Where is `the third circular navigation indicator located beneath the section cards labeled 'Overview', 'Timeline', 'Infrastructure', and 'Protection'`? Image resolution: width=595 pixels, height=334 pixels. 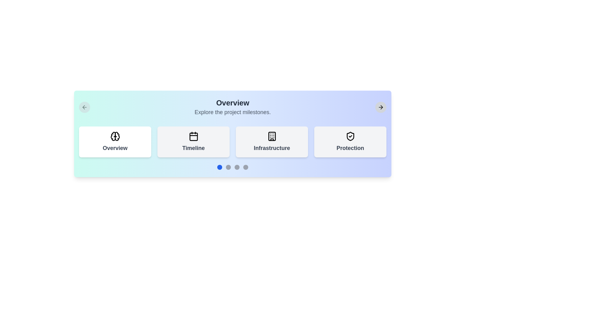
the third circular navigation indicator located beneath the section cards labeled 'Overview', 'Timeline', 'Infrastructure', and 'Protection' is located at coordinates (236, 167).